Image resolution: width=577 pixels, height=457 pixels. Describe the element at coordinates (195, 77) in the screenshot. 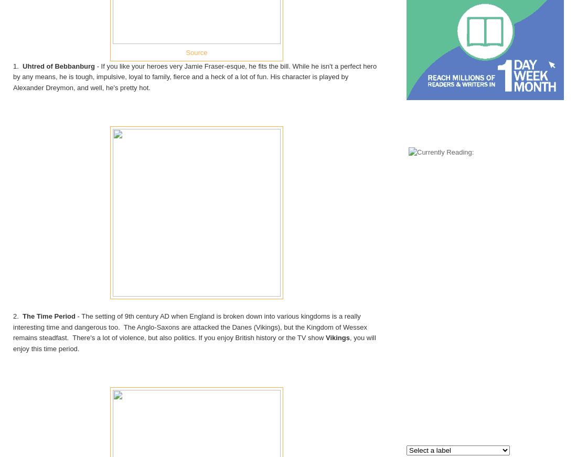

I see `'- If you like your heroes very Jamie Fraser-esque, he fits the bill. While he isn't a perfect hero by any means, he is tough, impulsive, loyal to family, fierce and a heck of a lot of fun. His character is played by Alexander Dreymon, and well, he's pretty hot.'` at that location.